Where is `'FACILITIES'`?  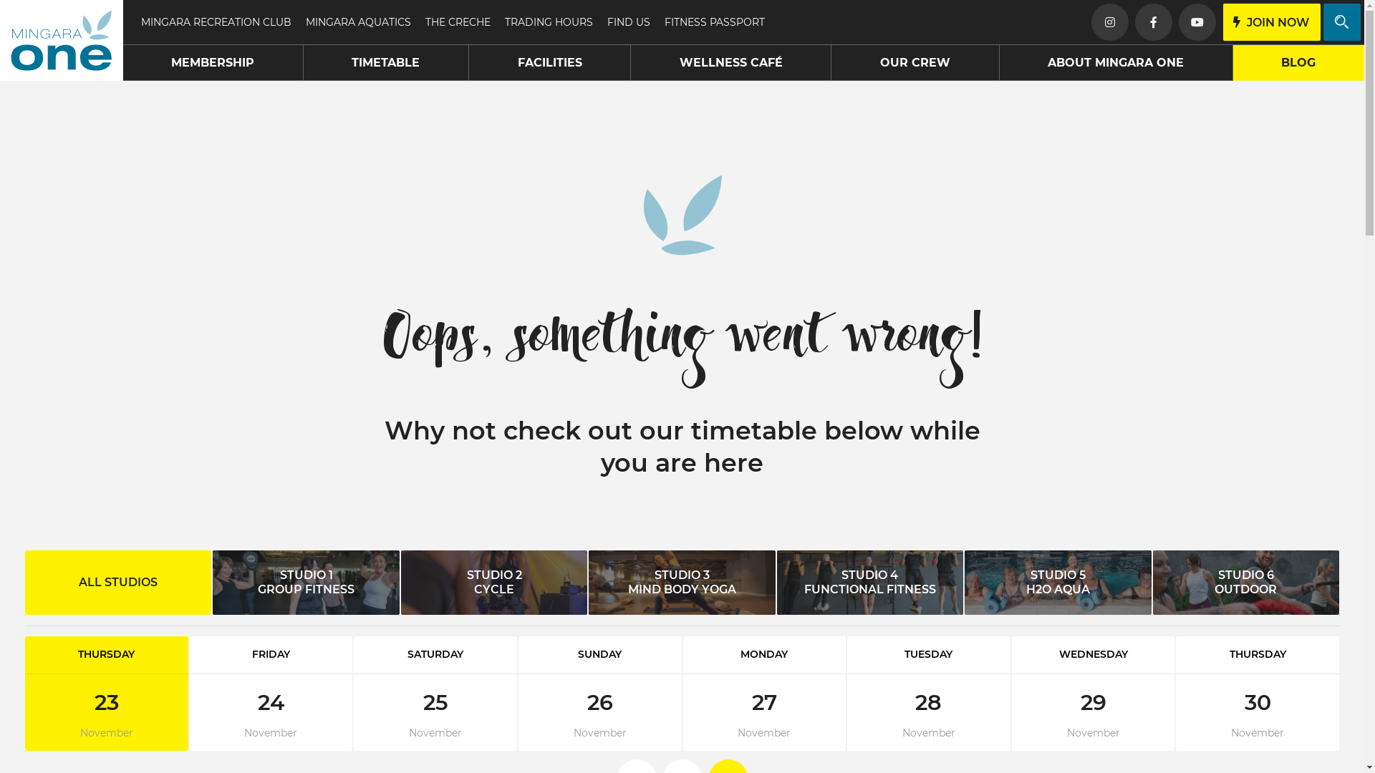
'FACILITIES' is located at coordinates (549, 62).